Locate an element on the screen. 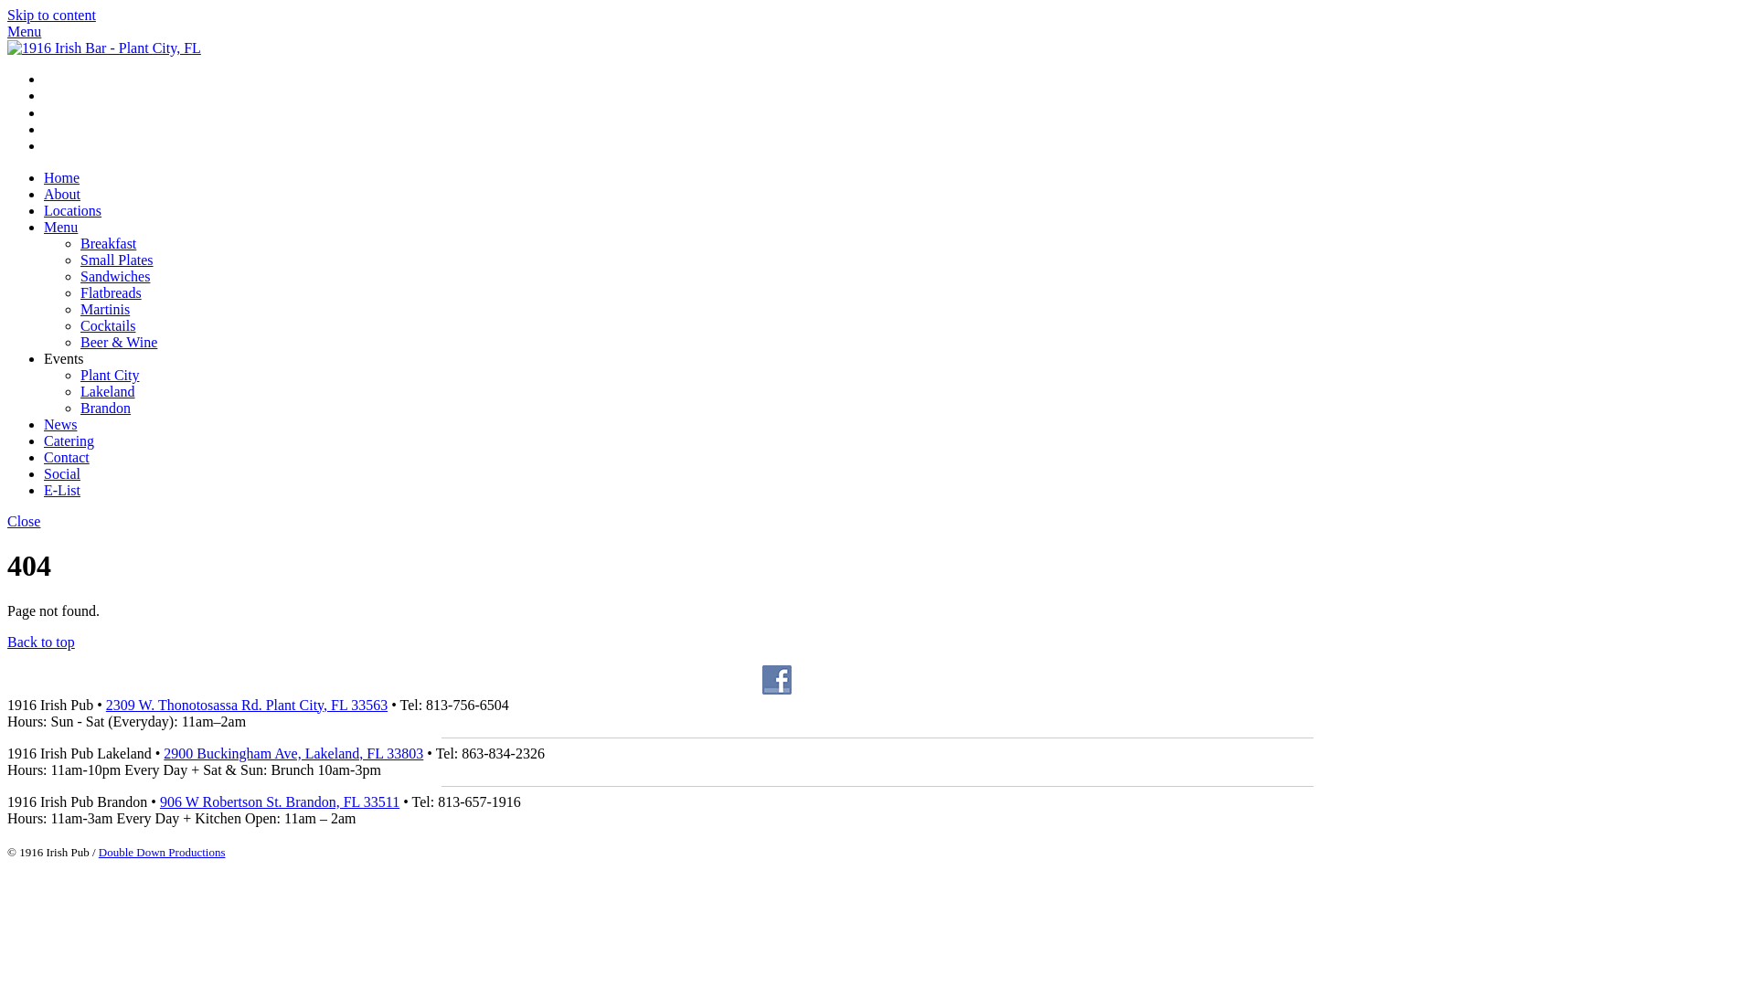 The image size is (1755, 987). 'Skip to content' is located at coordinates (7, 15).